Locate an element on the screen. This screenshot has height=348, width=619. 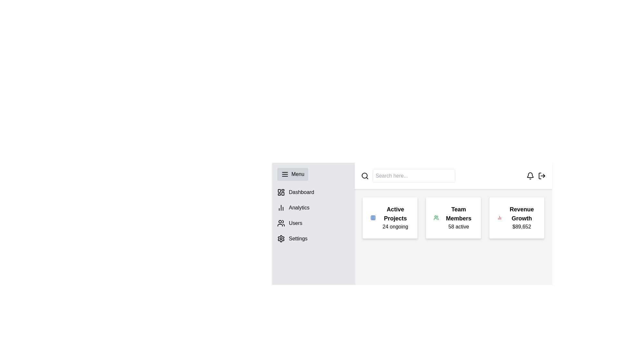
the 'Dashboard' text label, which functions as a hyperlink, to select the text is located at coordinates (301, 192).